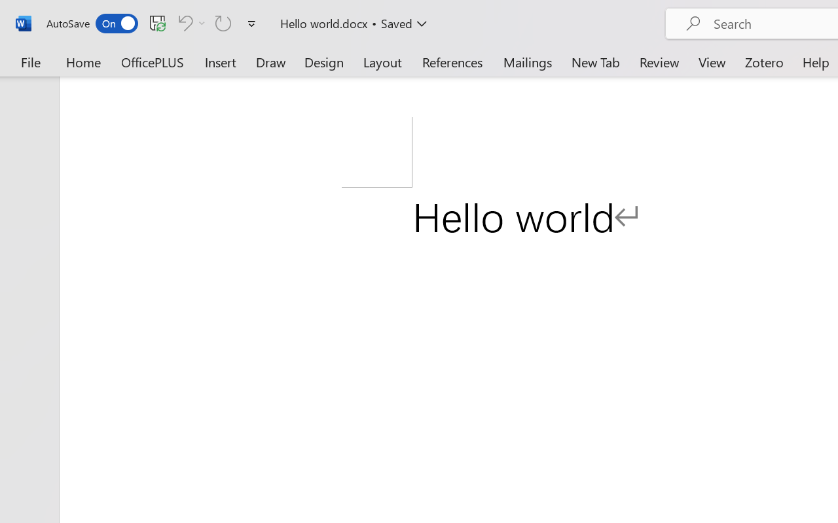 Image resolution: width=838 pixels, height=523 pixels. I want to click on 'Review', so click(659, 61).